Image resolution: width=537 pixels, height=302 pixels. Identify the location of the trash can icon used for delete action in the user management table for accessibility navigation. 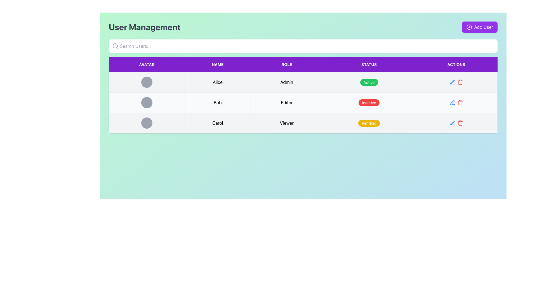
(460, 123).